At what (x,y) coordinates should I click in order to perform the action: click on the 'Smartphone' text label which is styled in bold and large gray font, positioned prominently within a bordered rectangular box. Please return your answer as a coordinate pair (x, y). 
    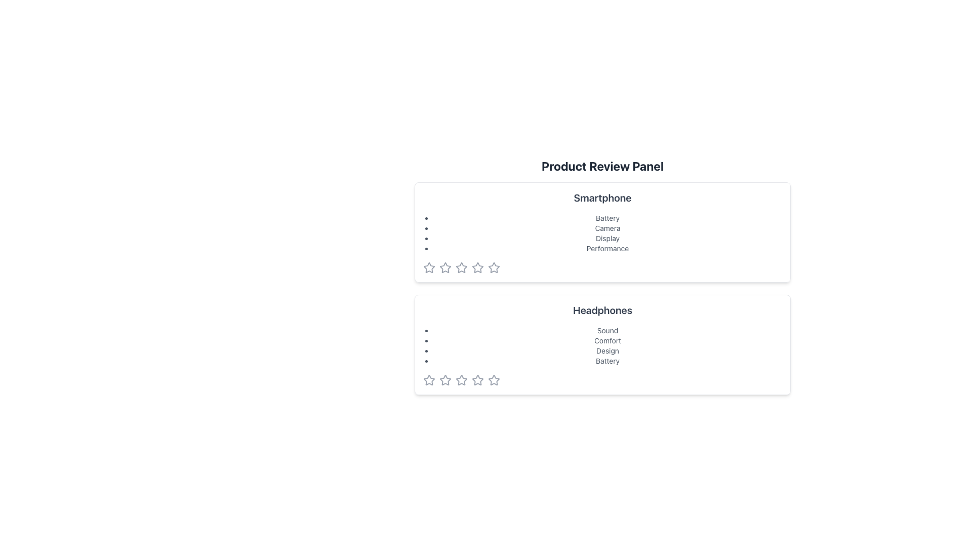
    Looking at the image, I should click on (602, 198).